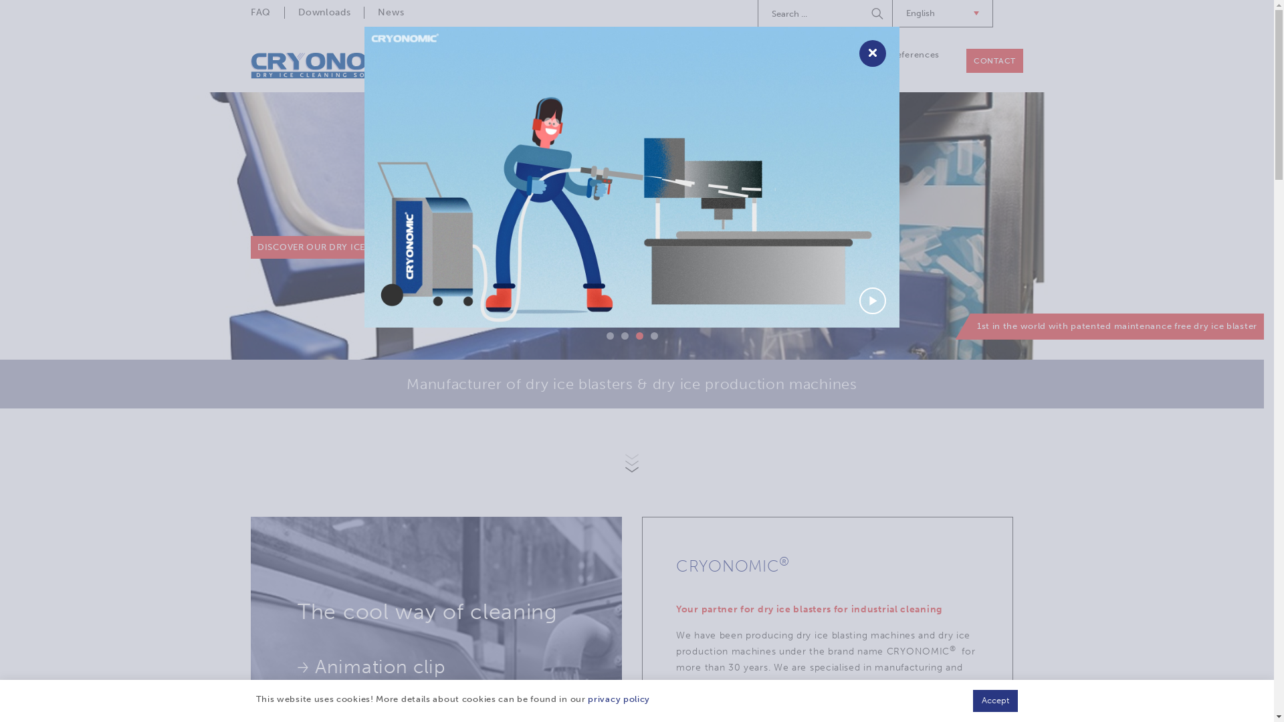  What do you see at coordinates (532, 53) in the screenshot?
I see `'Company'` at bounding box center [532, 53].